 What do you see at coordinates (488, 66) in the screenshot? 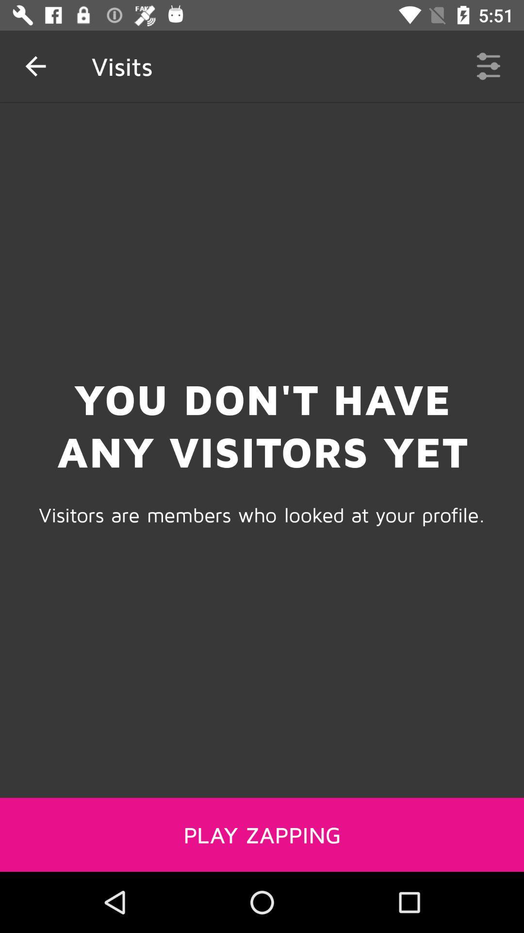
I see `item to the right of the visits item` at bounding box center [488, 66].